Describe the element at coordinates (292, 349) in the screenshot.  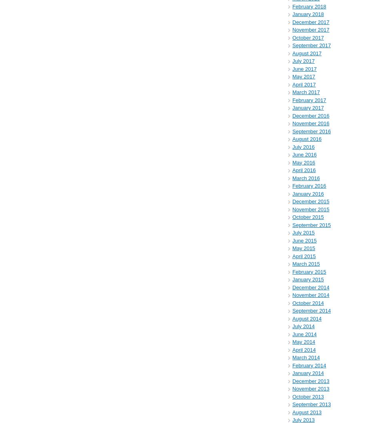
I see `'April 2014'` at that location.